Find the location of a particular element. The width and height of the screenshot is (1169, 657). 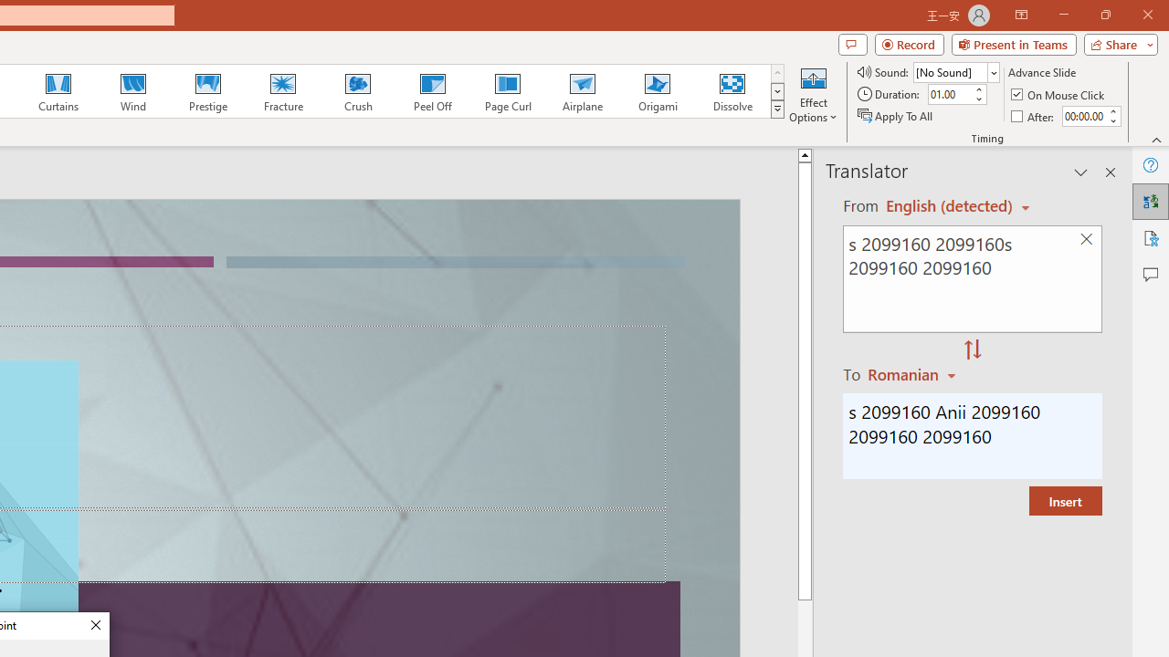

'Effect Options' is located at coordinates (812, 94).